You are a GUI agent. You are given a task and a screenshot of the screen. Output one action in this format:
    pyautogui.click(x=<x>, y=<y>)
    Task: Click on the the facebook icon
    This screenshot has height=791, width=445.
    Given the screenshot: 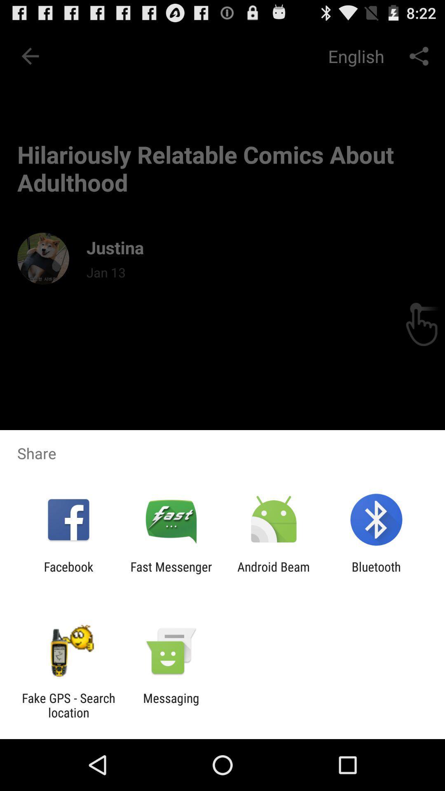 What is the action you would take?
    pyautogui.click(x=68, y=573)
    